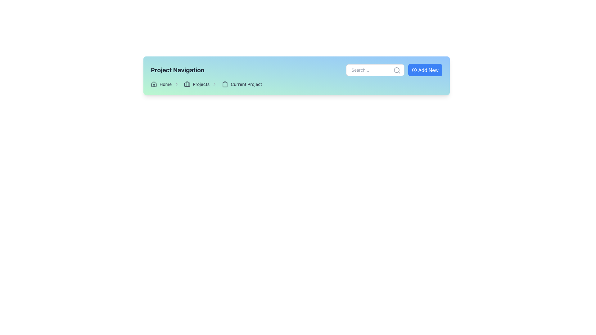 This screenshot has width=596, height=335. Describe the element at coordinates (165, 84) in the screenshot. I see `the 'Home' text label in the breadcrumb navigation bar, which indicates the current section of the navigational hierarchy` at that location.